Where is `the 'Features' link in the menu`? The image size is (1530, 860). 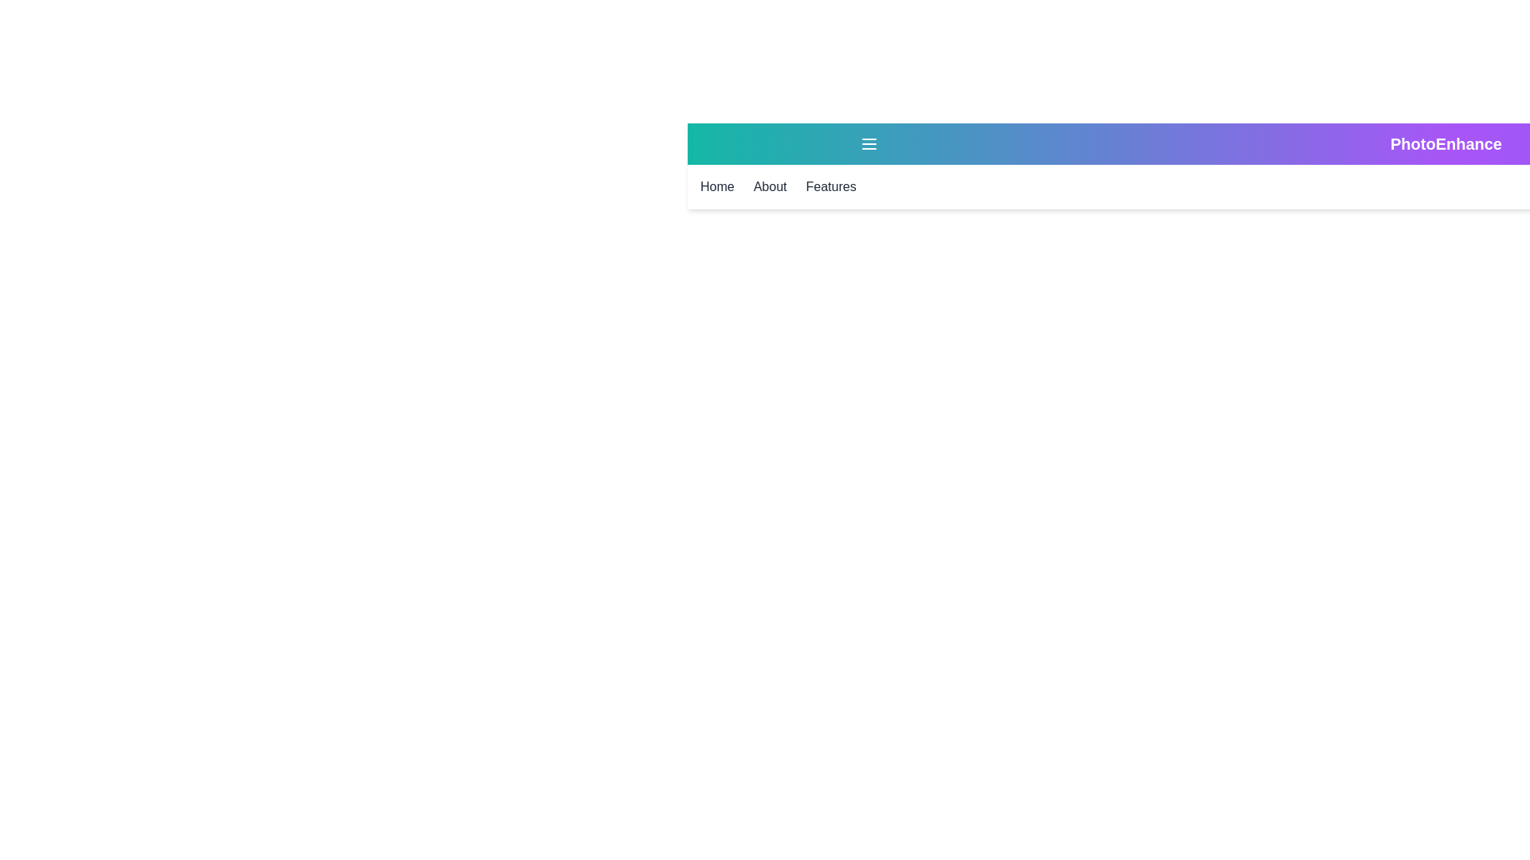 the 'Features' link in the menu is located at coordinates (830, 186).